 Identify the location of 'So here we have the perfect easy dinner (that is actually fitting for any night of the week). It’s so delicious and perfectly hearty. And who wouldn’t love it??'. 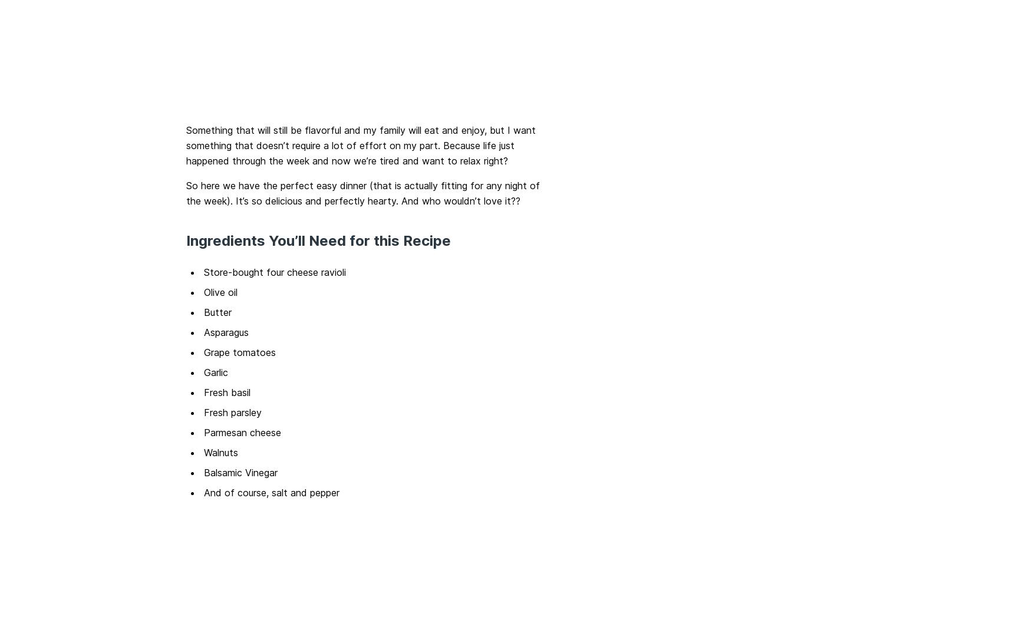
(361, 192).